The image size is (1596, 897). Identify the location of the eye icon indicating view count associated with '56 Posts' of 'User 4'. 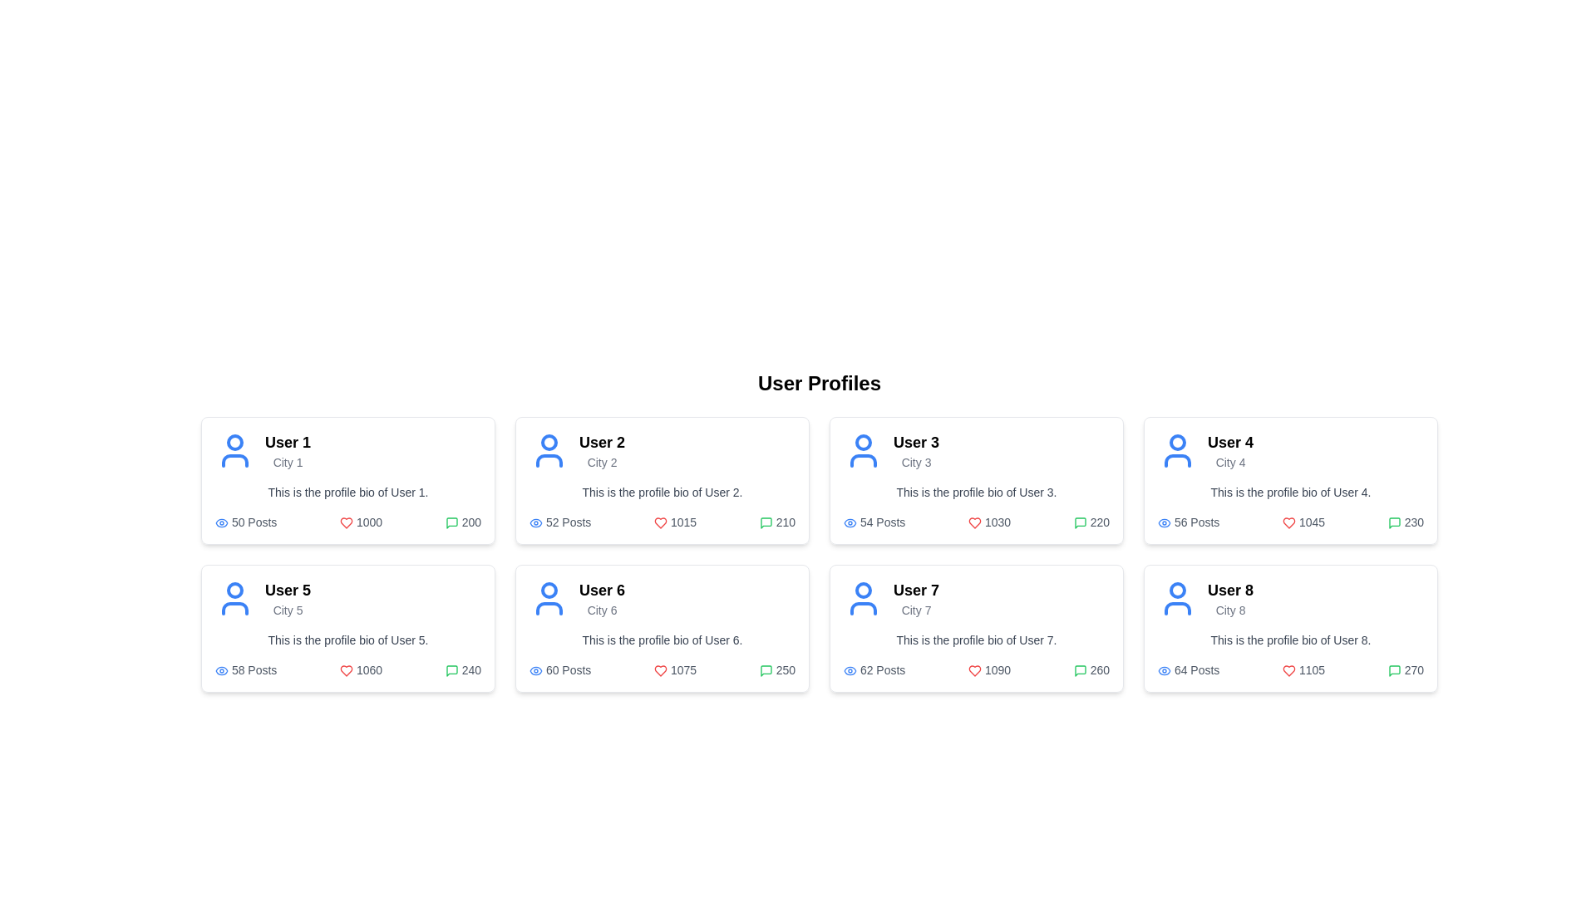
(1164, 522).